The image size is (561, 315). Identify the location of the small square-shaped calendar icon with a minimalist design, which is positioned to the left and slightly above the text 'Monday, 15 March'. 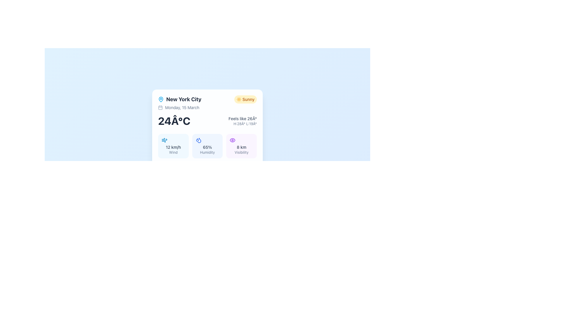
(160, 108).